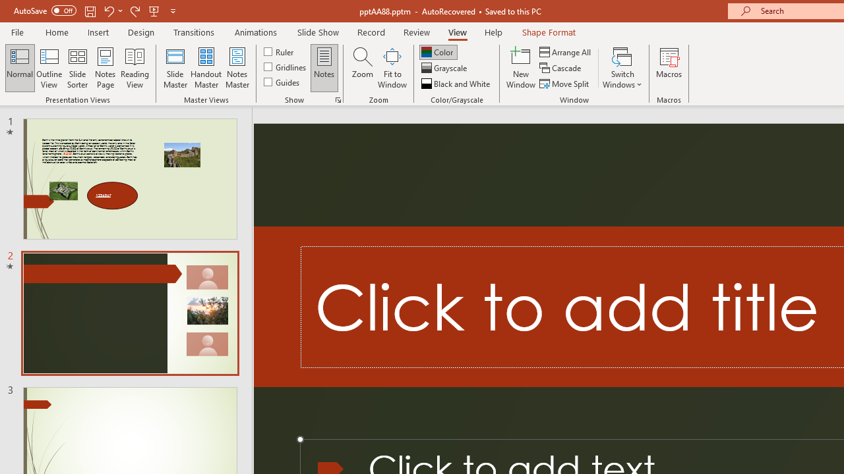 The width and height of the screenshot is (844, 474). What do you see at coordinates (566, 51) in the screenshot?
I see `'Arrange All'` at bounding box center [566, 51].